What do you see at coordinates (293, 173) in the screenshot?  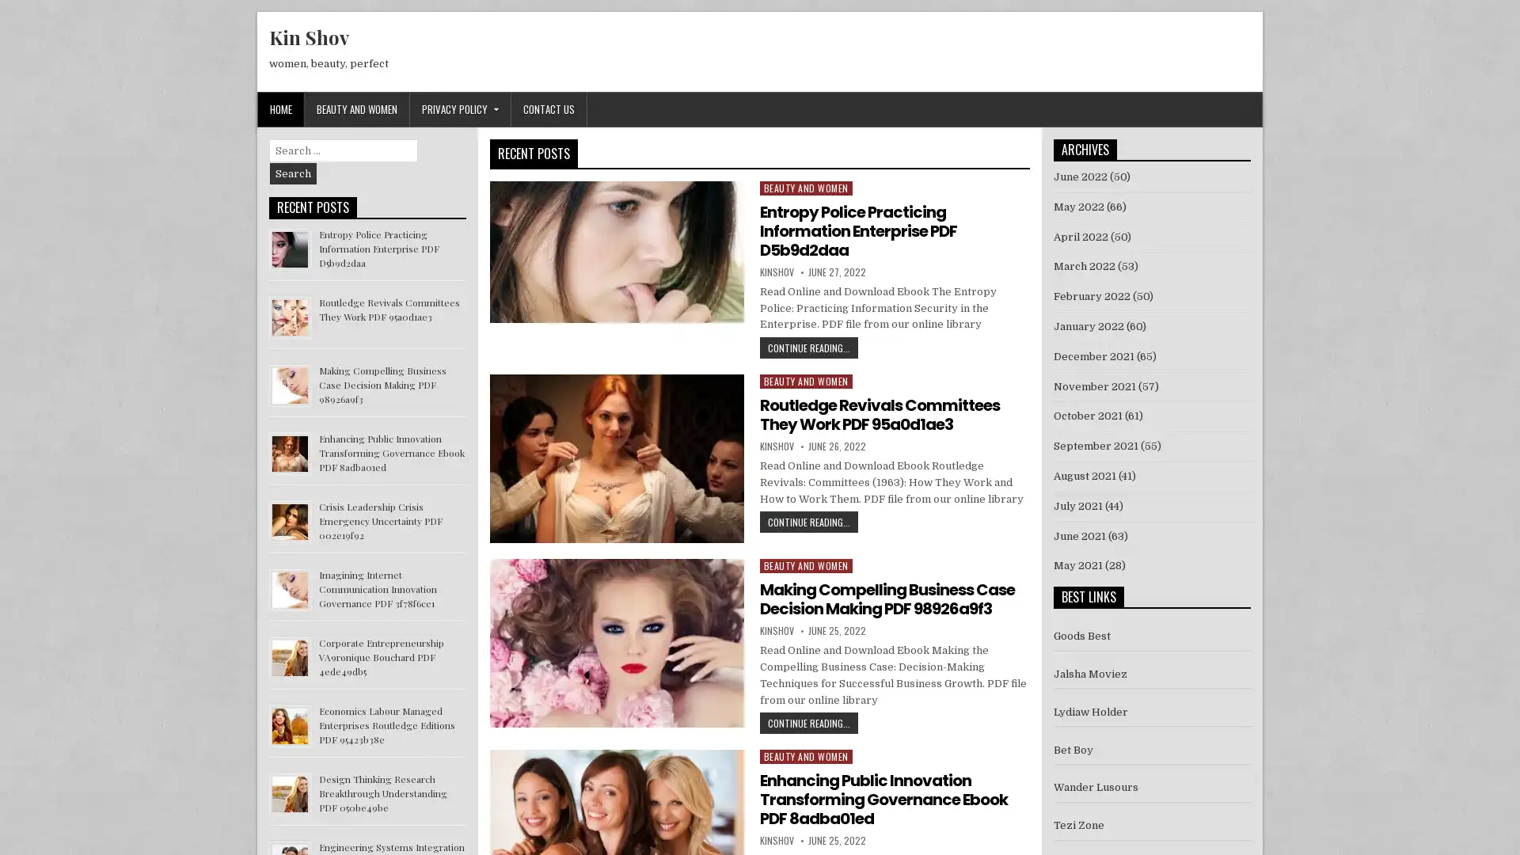 I see `Search` at bounding box center [293, 173].